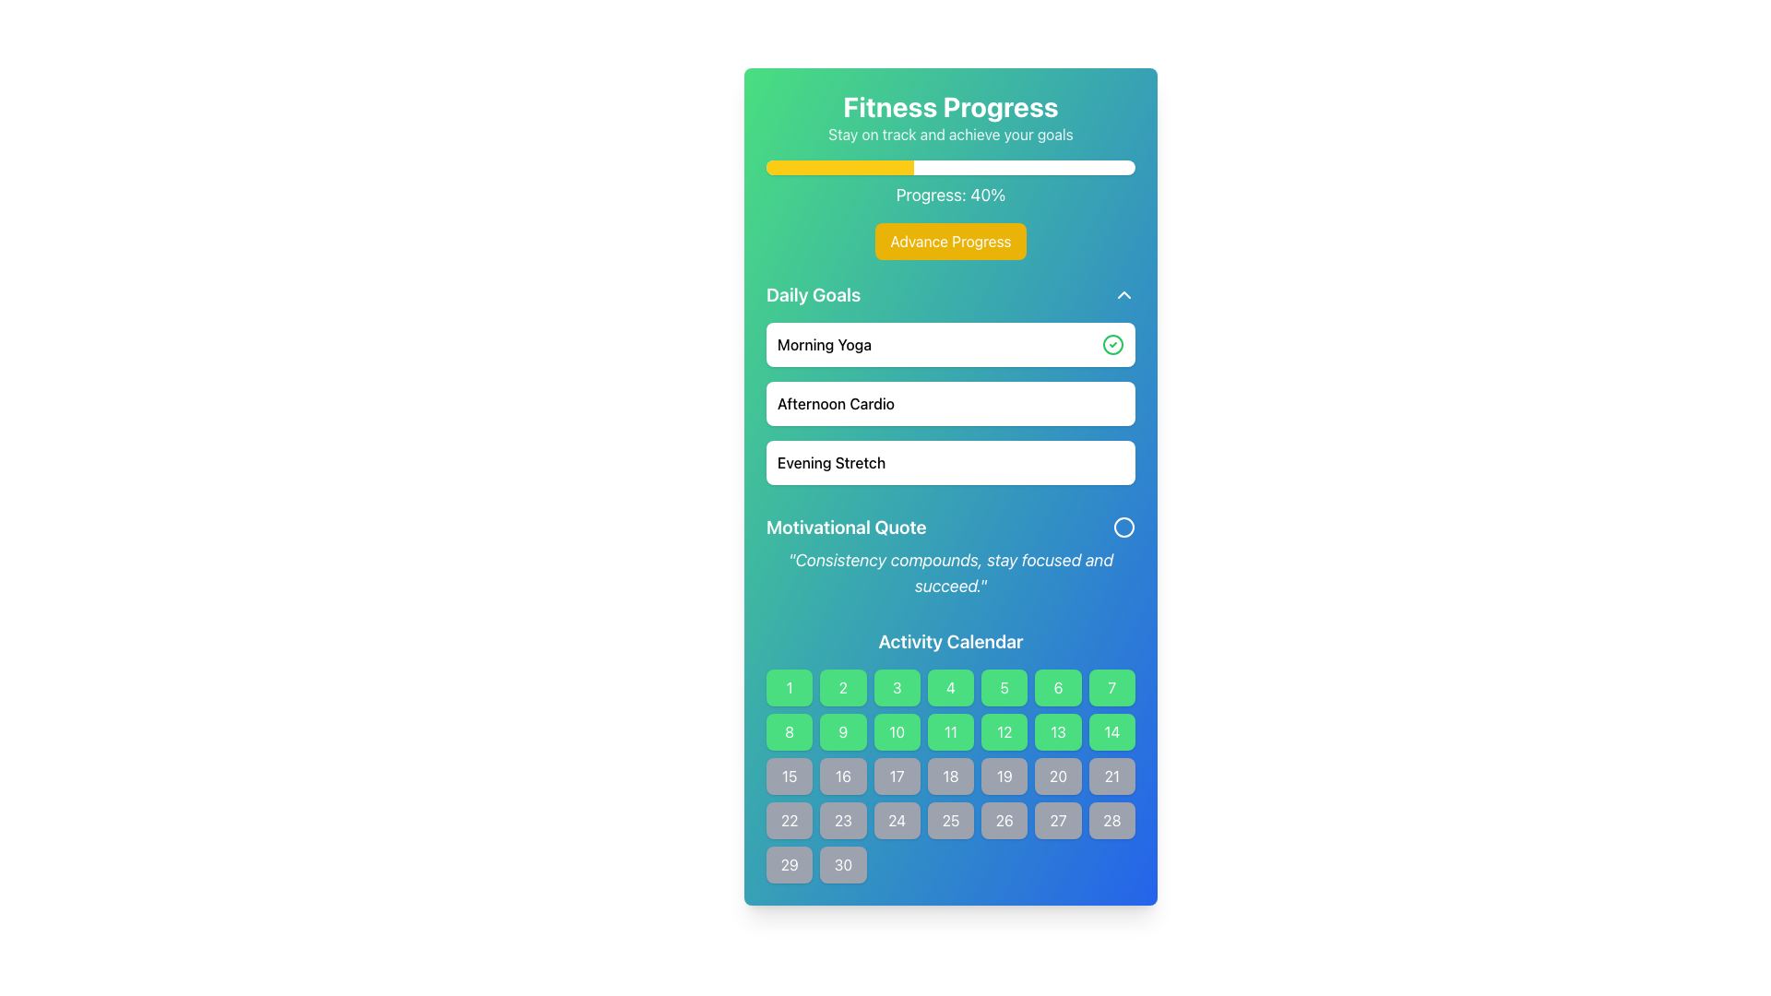  Describe the element at coordinates (830, 461) in the screenshot. I see `the text label displaying 'Evening Stretch', which is located in the 'Daily Goals' section, positioned below 'Afternoon Cardio' and above 'Motivational Quote'` at that location.